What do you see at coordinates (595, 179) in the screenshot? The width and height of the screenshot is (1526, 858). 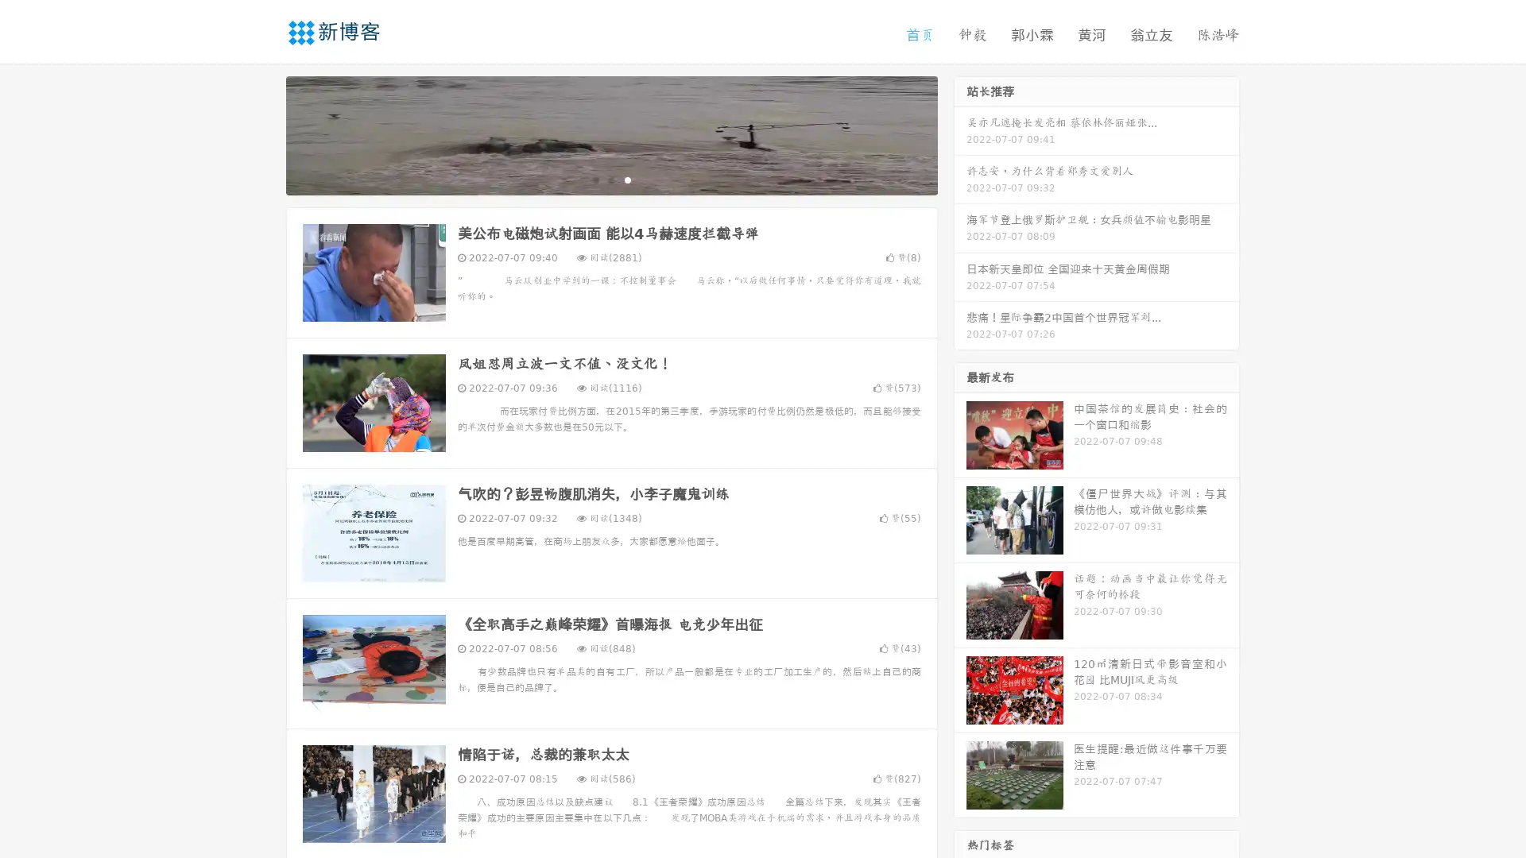 I see `Go to slide 1` at bounding box center [595, 179].